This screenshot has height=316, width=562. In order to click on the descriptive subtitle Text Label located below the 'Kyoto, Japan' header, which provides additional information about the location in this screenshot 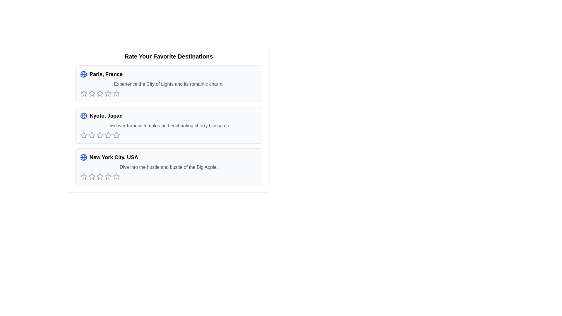, I will do `click(168, 125)`.